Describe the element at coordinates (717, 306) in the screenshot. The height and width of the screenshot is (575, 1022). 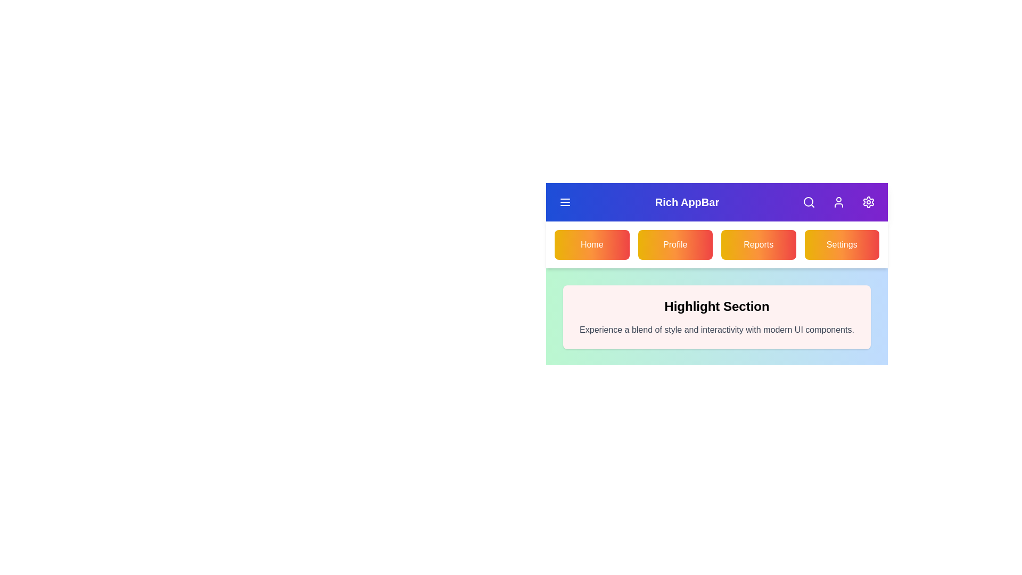
I see `the text in the 'Highlight Section'` at that location.